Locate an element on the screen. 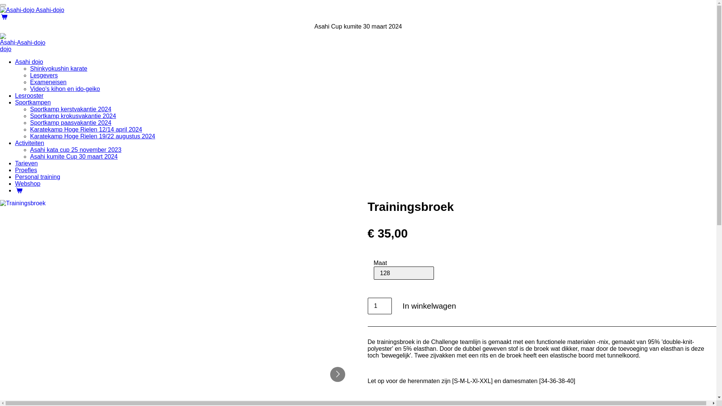 The width and height of the screenshot is (722, 406). 'Karatekamp Hoge Rielen 19/22 augustus 2024' is located at coordinates (92, 136).